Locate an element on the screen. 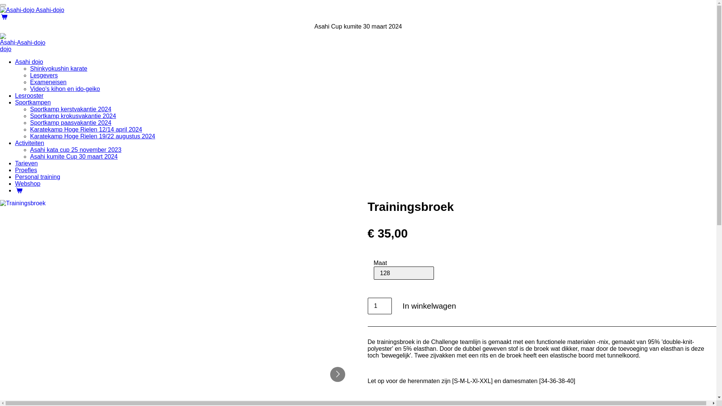 The width and height of the screenshot is (722, 406). 'Karatekamp Hoge Rielen 19/22 augustus 2024' is located at coordinates (92, 136).